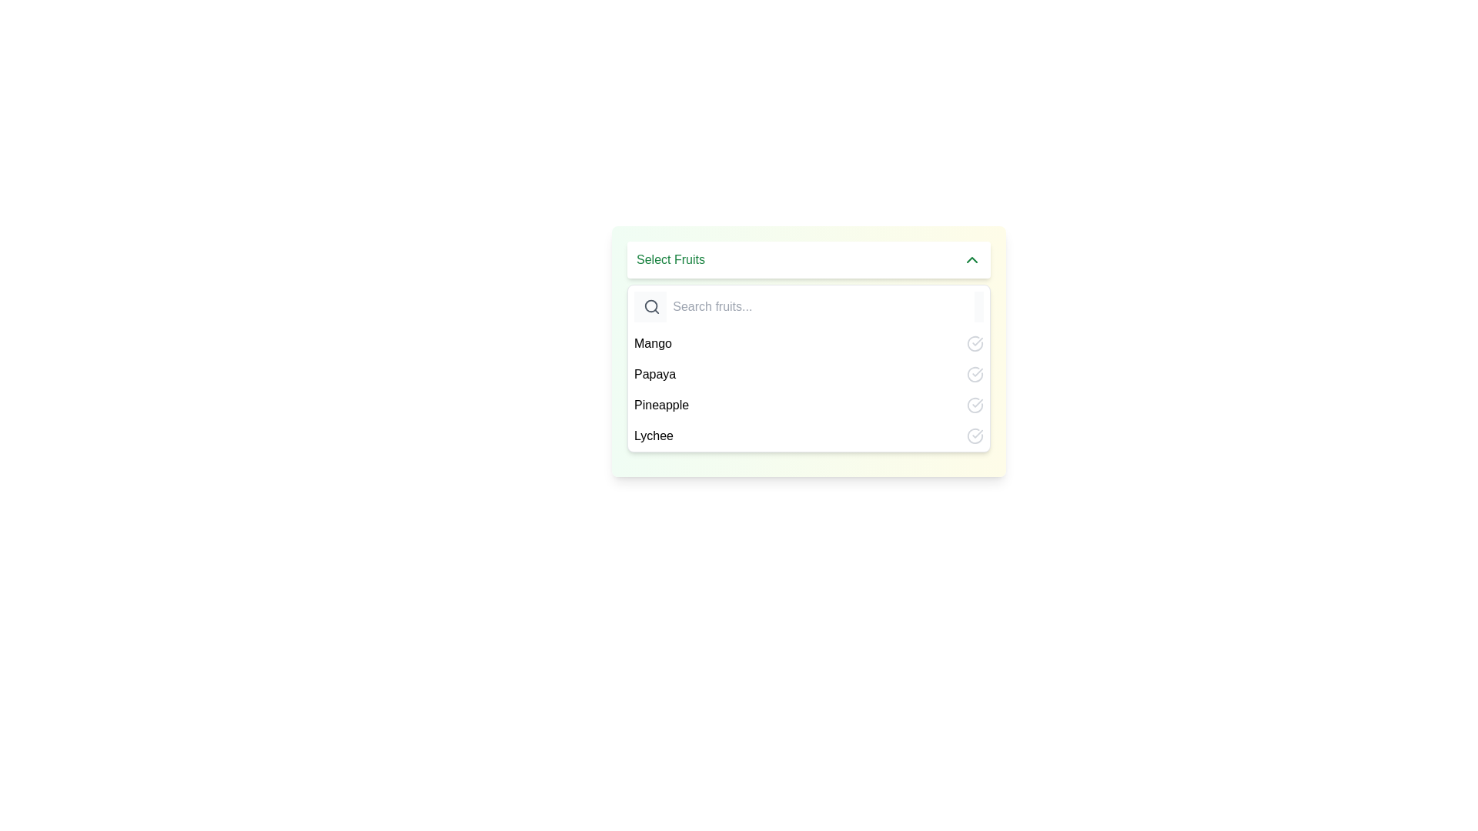 Image resolution: width=1478 pixels, height=831 pixels. What do you see at coordinates (661, 405) in the screenshot?
I see `the text label 'Pineapple' in the dropdown menu` at bounding box center [661, 405].